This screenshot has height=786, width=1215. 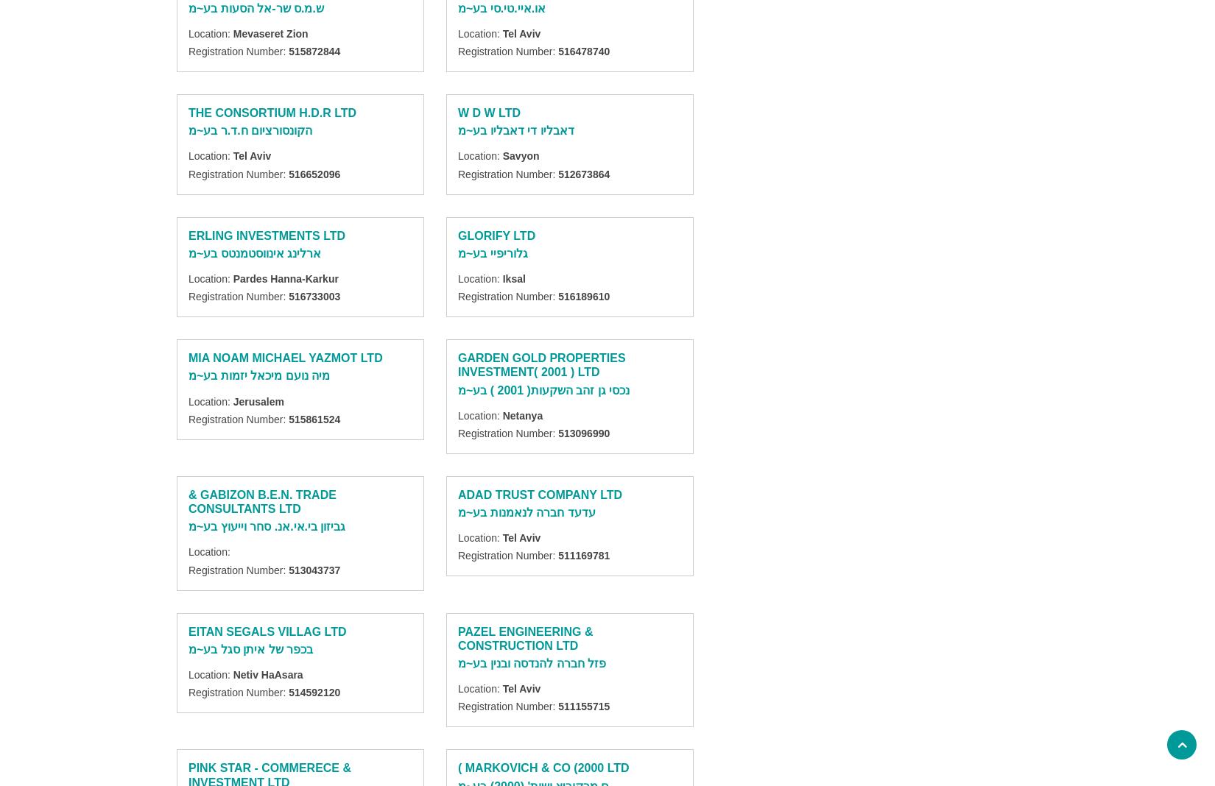 What do you see at coordinates (543, 389) in the screenshot?
I see `'נכסי גן זהב השקעות( 2001 ) בע~מ'` at bounding box center [543, 389].